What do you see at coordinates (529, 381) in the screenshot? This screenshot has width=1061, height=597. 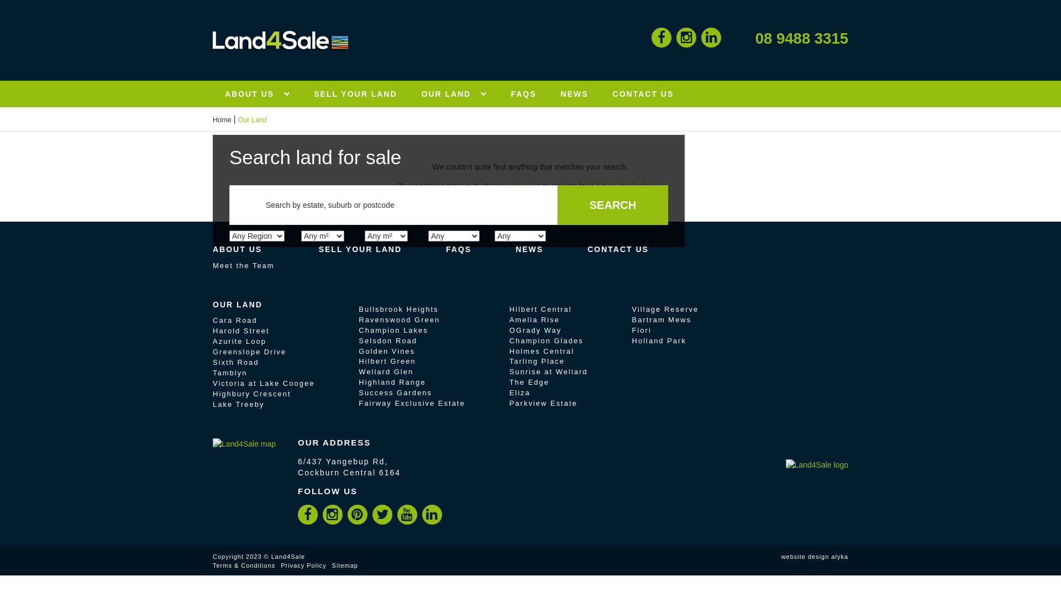 I see `'The Edge'` at bounding box center [529, 381].